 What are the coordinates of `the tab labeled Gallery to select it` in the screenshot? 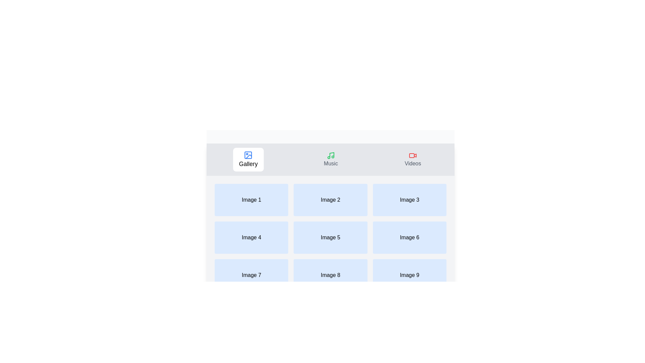 It's located at (248, 159).